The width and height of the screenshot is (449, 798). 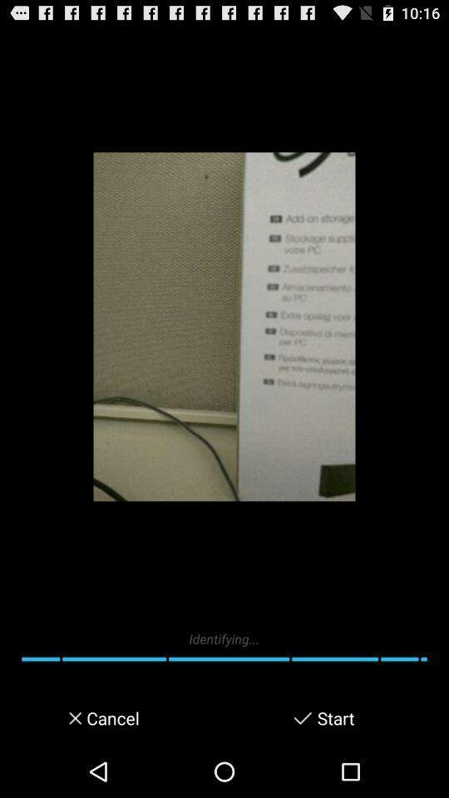 What do you see at coordinates (302, 717) in the screenshot?
I see `switch option` at bounding box center [302, 717].